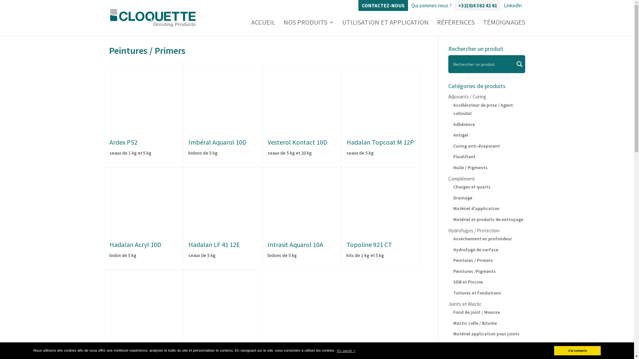  I want to click on 'UTILISATION ET APPLICATION', so click(385, 27).